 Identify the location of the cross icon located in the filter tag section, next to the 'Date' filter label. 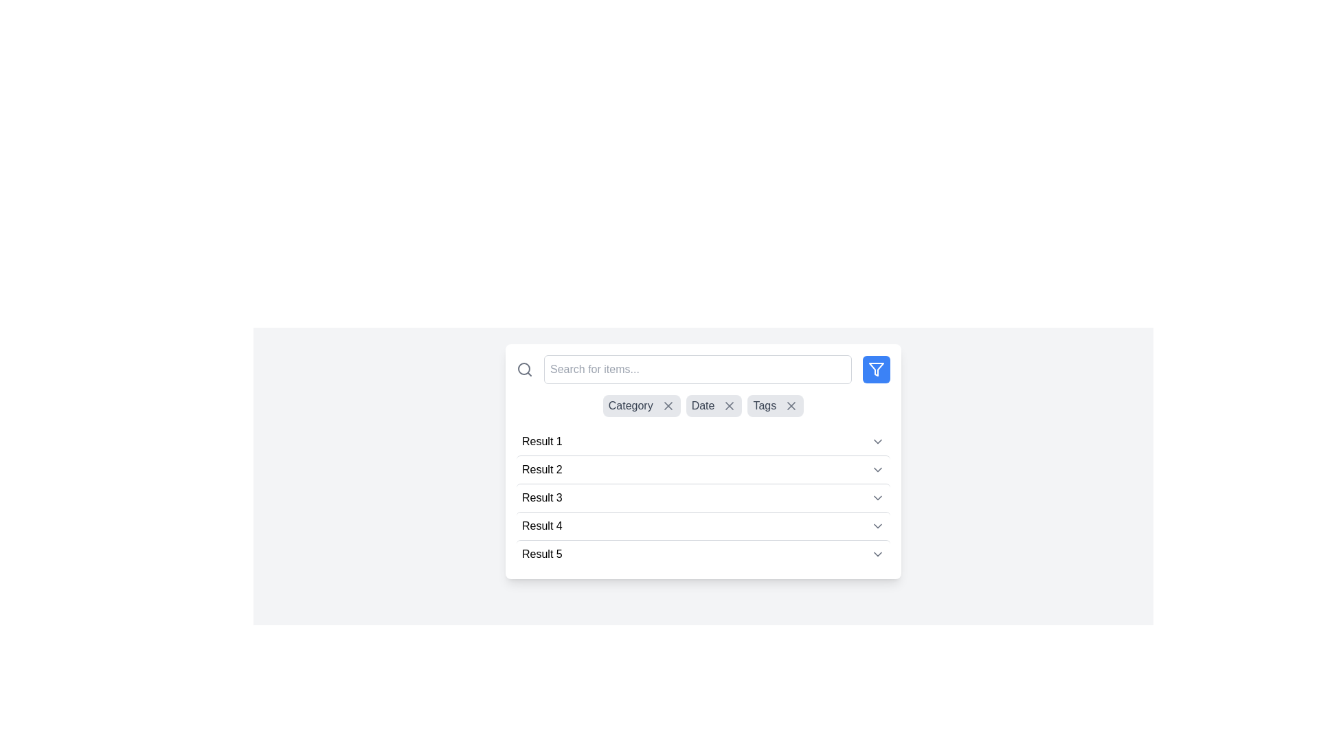
(729, 405).